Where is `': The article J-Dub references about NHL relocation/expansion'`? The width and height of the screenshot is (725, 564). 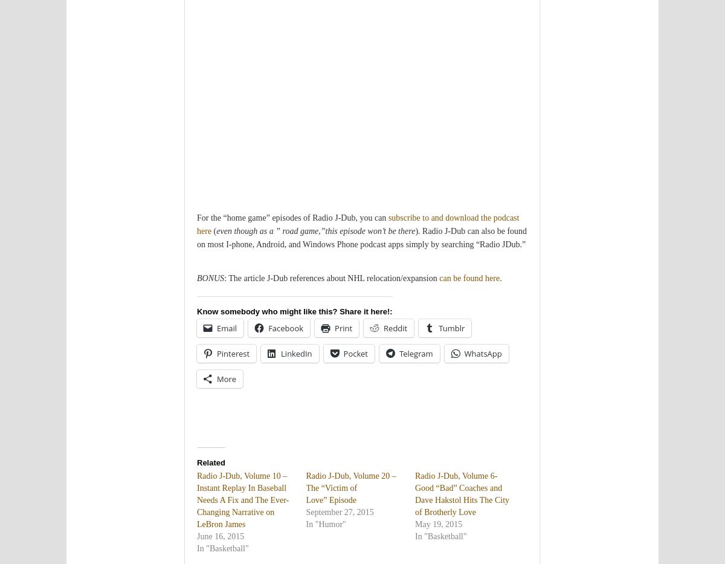
': The article J-Dub references about NHL relocation/expansion' is located at coordinates (224, 277).